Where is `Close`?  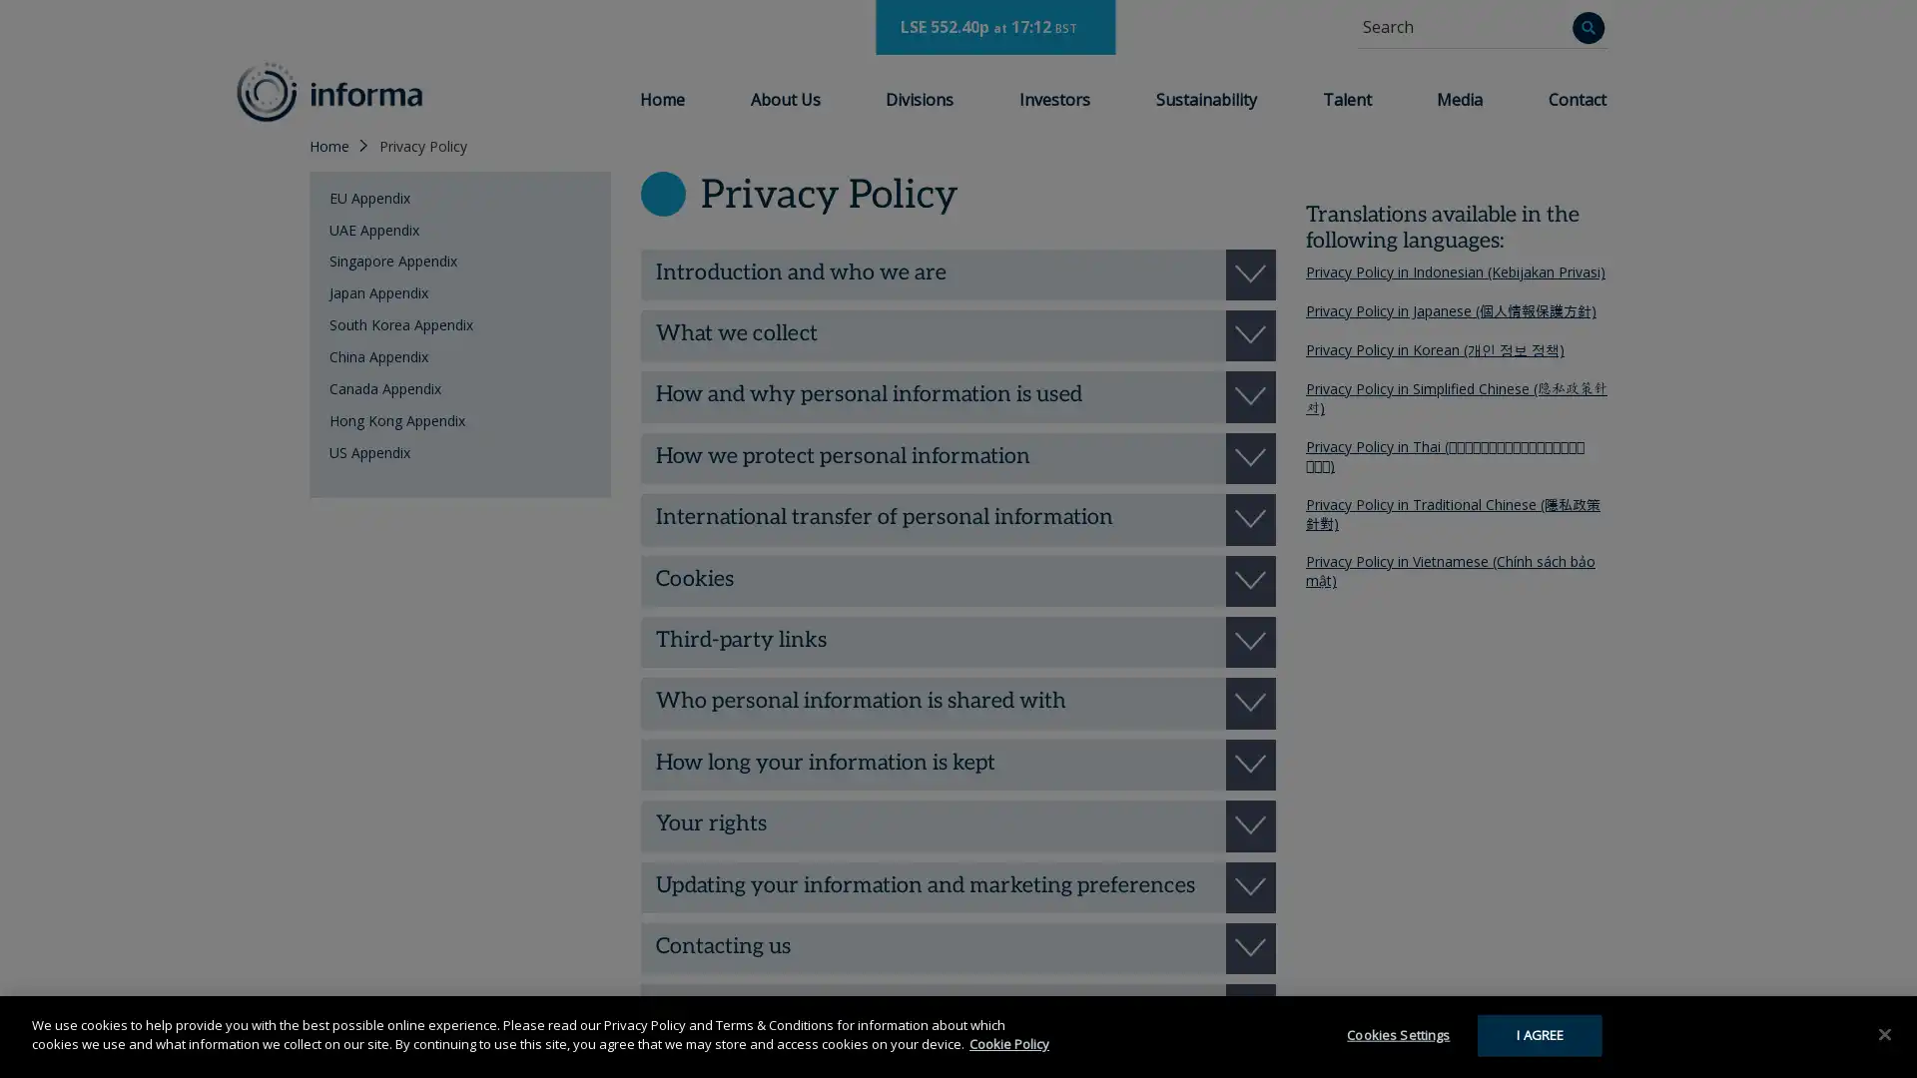
Close is located at coordinates (1883, 1033).